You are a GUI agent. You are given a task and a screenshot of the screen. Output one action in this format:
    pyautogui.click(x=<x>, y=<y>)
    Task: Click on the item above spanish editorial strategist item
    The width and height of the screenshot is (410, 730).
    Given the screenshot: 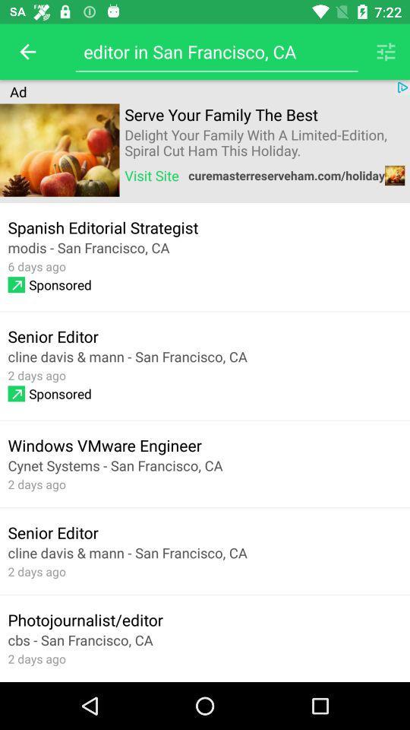 What is the action you would take?
    pyautogui.click(x=152, y=175)
    